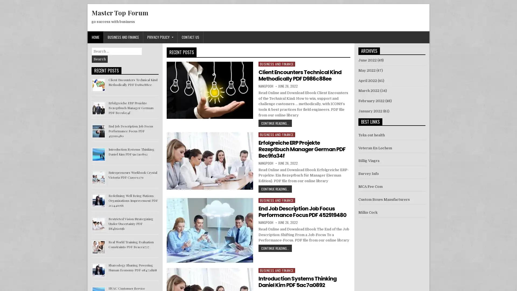 The width and height of the screenshot is (517, 291). What do you see at coordinates (100, 59) in the screenshot?
I see `Search` at bounding box center [100, 59].